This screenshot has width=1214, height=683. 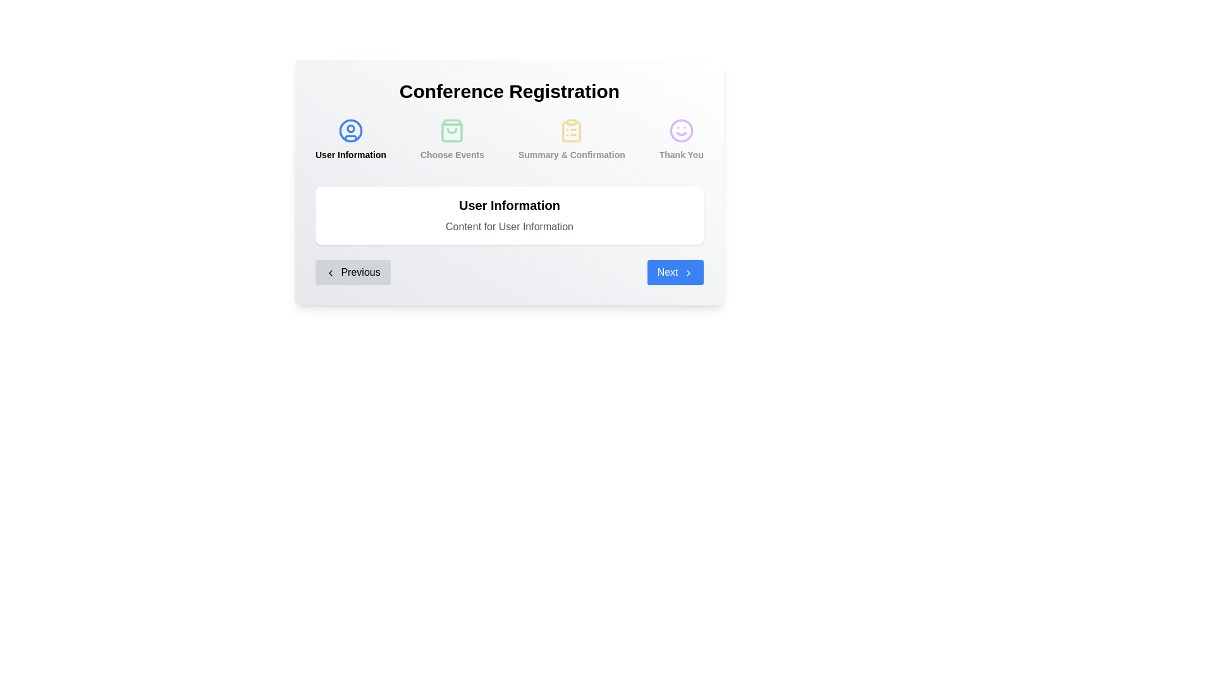 I want to click on the Text label that provides additional information related to the 'User Information' section, located below the 'User Information' header, so click(x=510, y=226).